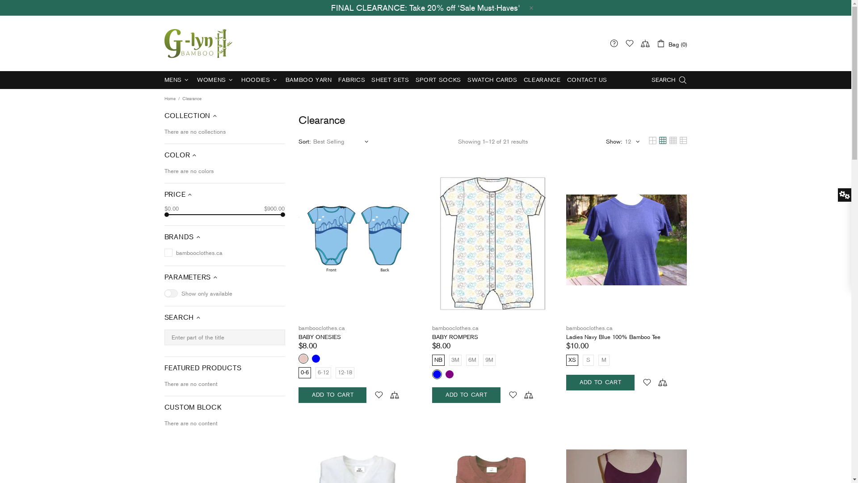  I want to click on 'SWATCH CARDS', so click(492, 79).